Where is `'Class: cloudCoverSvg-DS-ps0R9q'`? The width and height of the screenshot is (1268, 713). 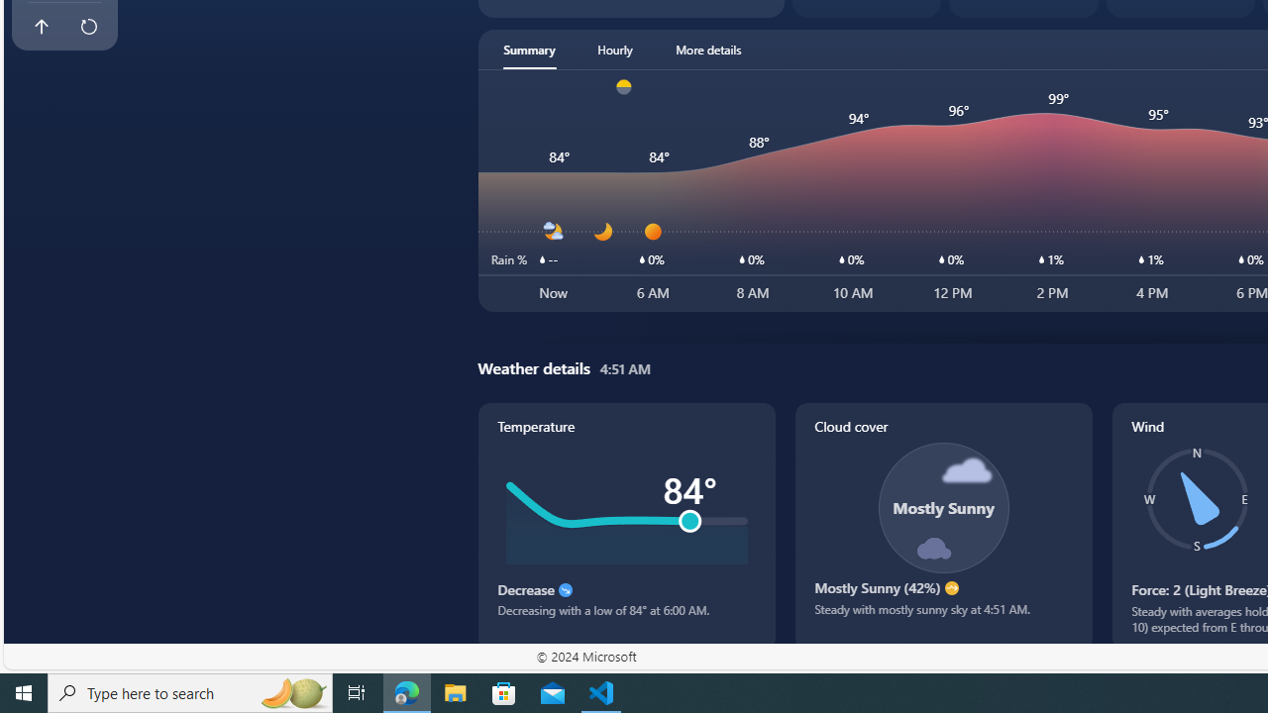 'Class: cloudCoverSvg-DS-ps0R9q' is located at coordinates (942, 507).